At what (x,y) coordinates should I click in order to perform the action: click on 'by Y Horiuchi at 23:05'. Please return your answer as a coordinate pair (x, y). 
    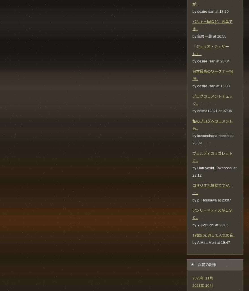
    Looking at the image, I should click on (210, 224).